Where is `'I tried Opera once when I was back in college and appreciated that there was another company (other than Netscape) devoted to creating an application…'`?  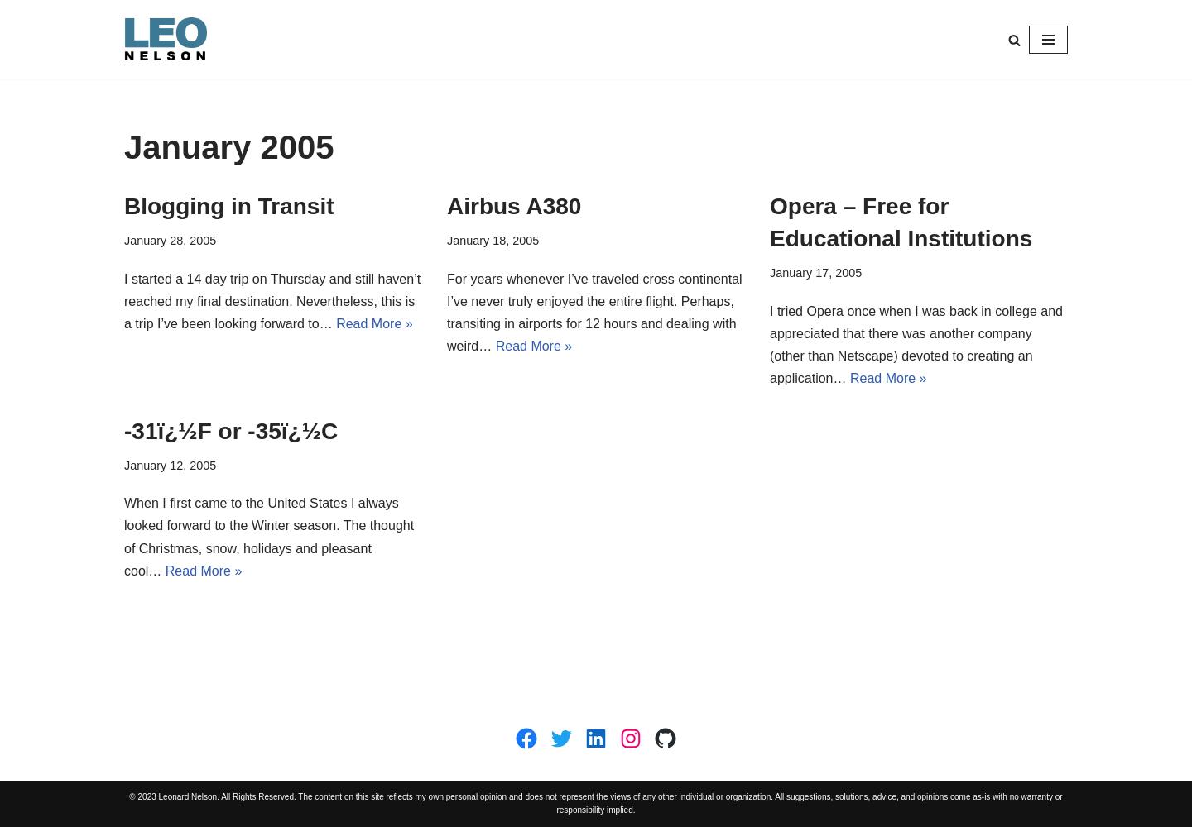 'I tried Opera once when I was back in college and appreciated that there was another company (other than Netscape) devoted to creating an application…' is located at coordinates (915, 344).